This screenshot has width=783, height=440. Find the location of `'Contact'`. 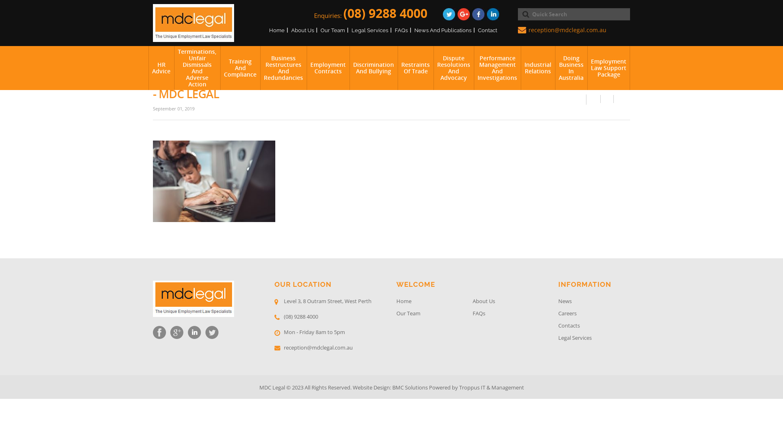

'Contact' is located at coordinates (487, 30).